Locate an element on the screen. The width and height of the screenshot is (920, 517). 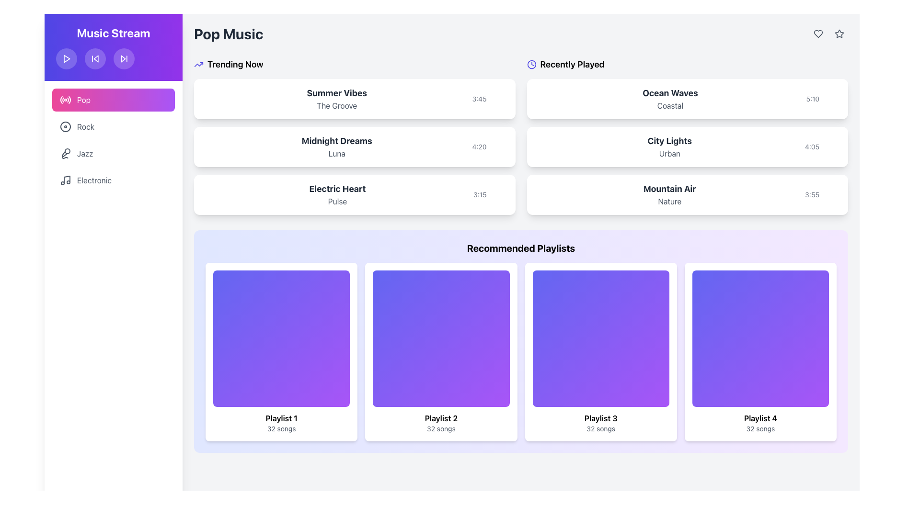
the 'Electronic' music genre icon located in the sidebar menu, positioned to the left of the 'Electronic' text label under the 'Music Stream' section is located at coordinates (65, 180).